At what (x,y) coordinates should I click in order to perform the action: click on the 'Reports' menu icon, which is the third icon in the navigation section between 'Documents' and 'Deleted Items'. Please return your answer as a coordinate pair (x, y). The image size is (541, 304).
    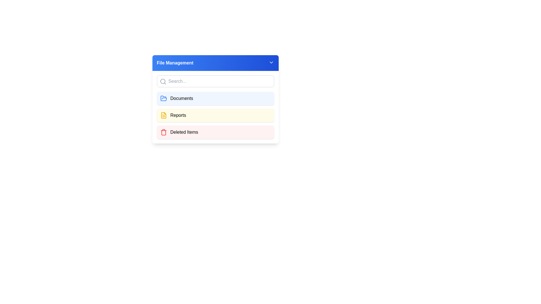
    Looking at the image, I should click on (163, 115).